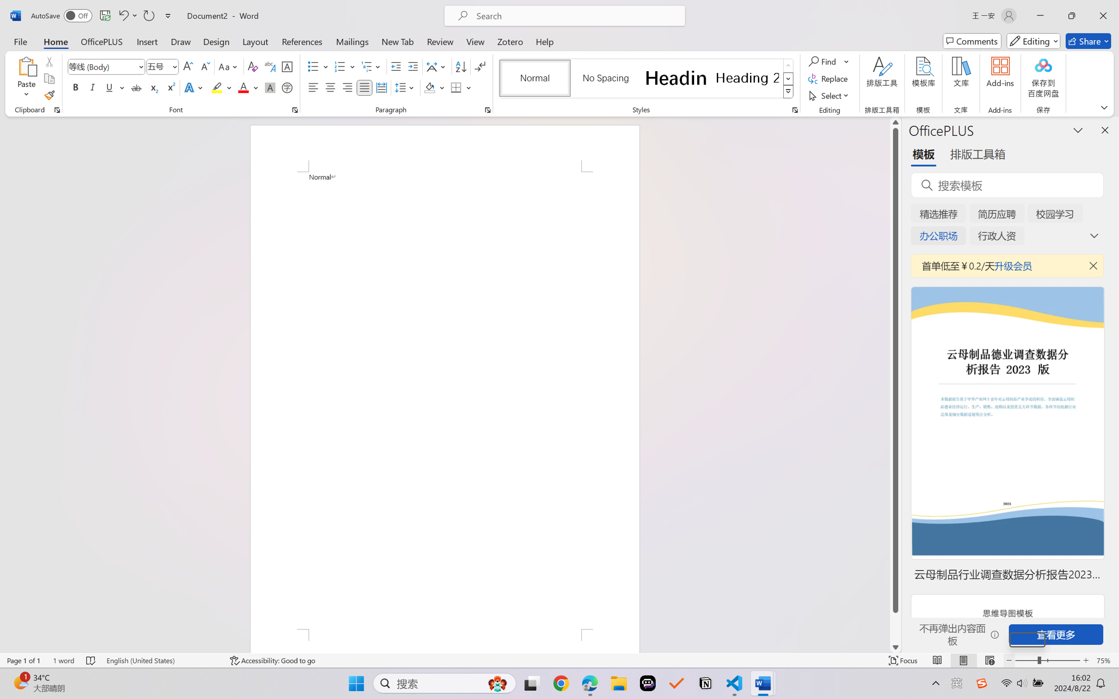 The height and width of the screenshot is (699, 1119). Describe the element at coordinates (747, 78) in the screenshot. I see `'Heading 2'` at that location.